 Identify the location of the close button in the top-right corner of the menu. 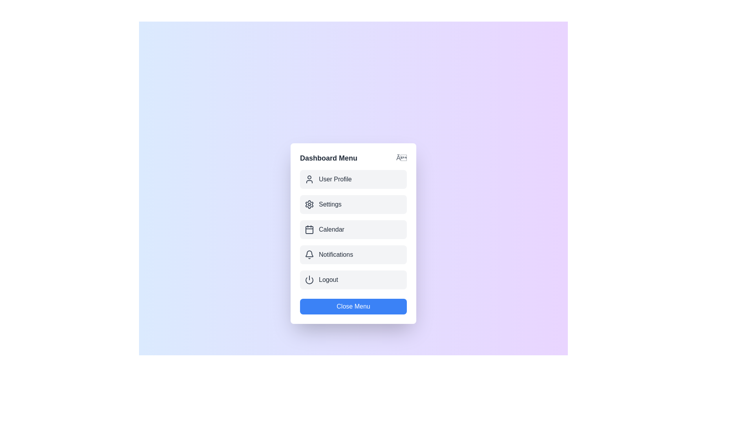
(401, 158).